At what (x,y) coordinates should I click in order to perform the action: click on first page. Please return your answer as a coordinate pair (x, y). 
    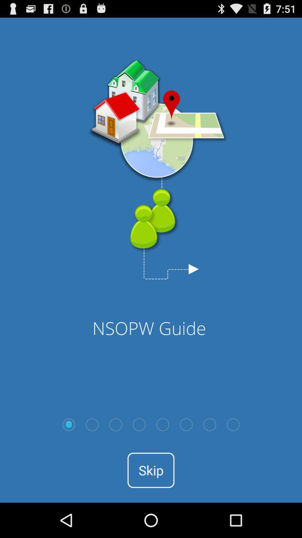
    Looking at the image, I should click on (69, 425).